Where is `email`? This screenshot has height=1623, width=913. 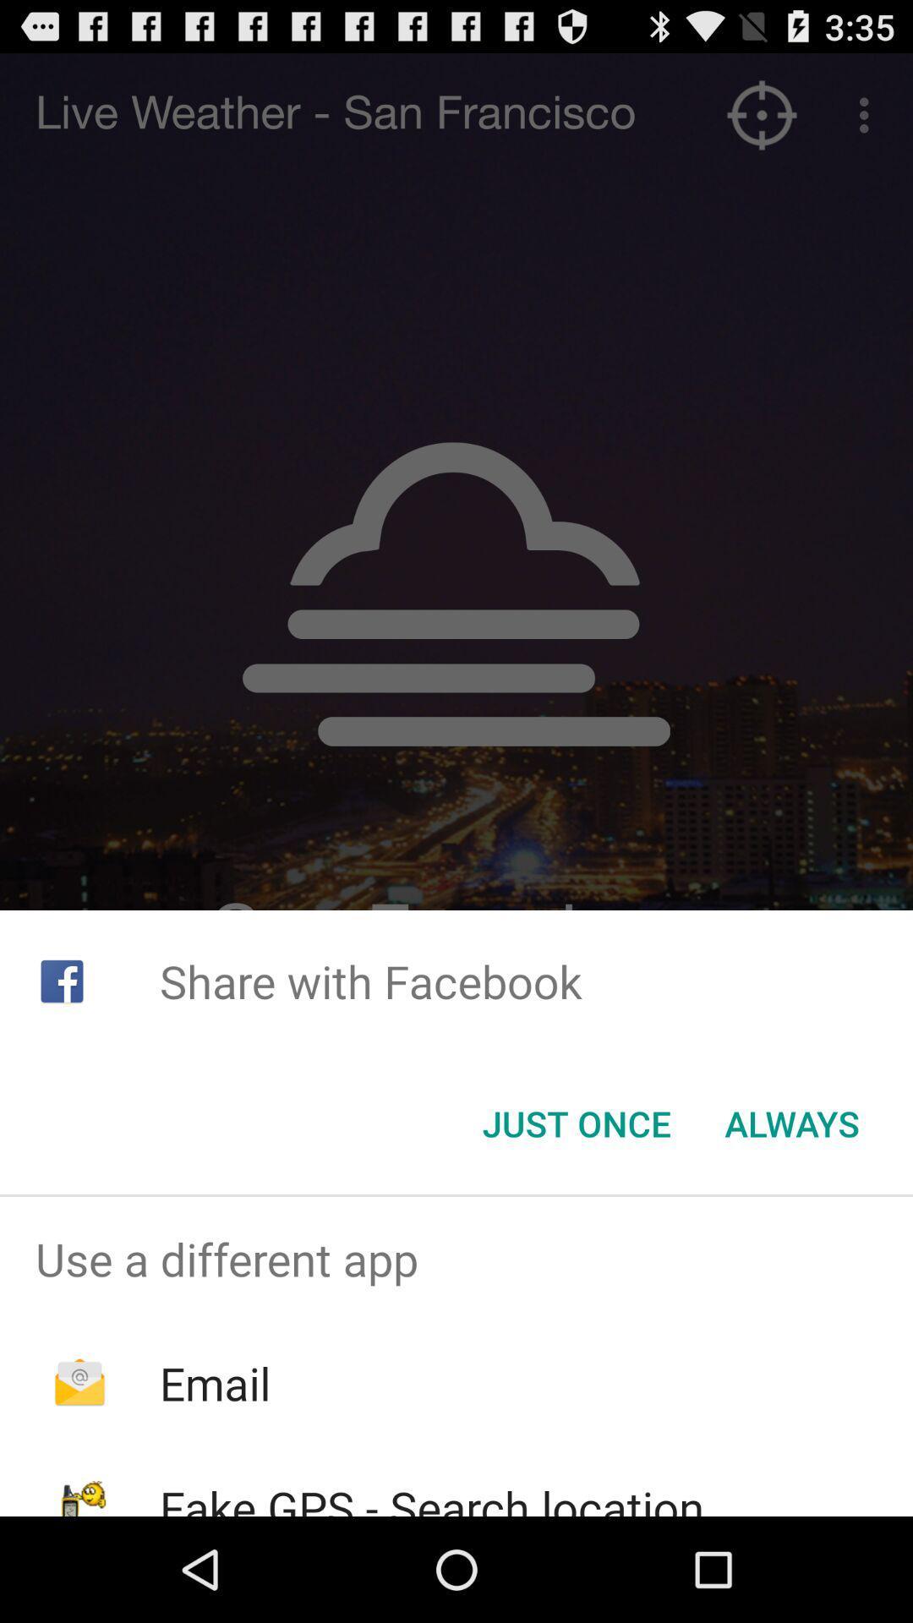
email is located at coordinates (214, 1383).